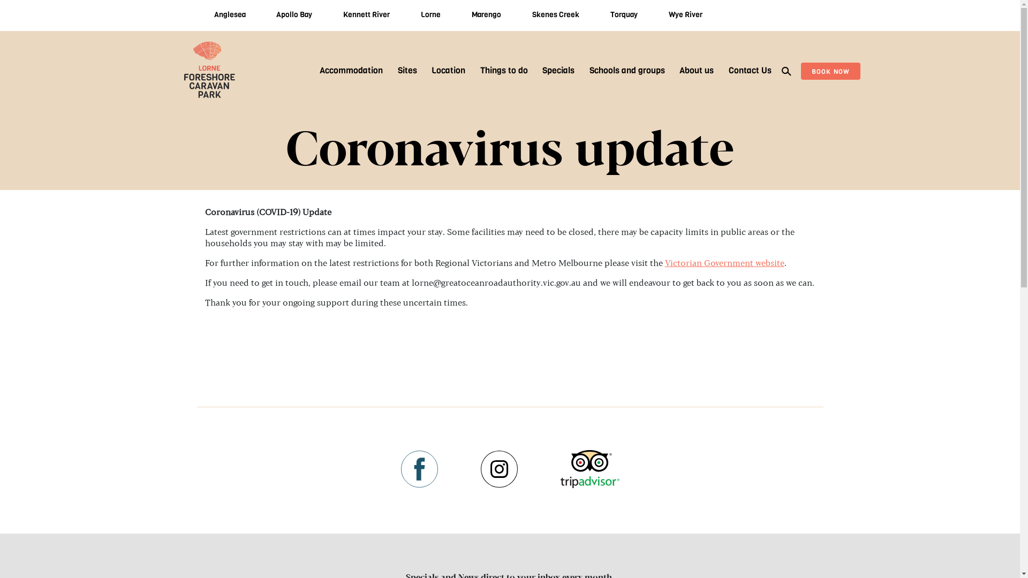 Image resolution: width=1028 pixels, height=578 pixels. What do you see at coordinates (801, 70) in the screenshot?
I see `'BOOK NOW'` at bounding box center [801, 70].